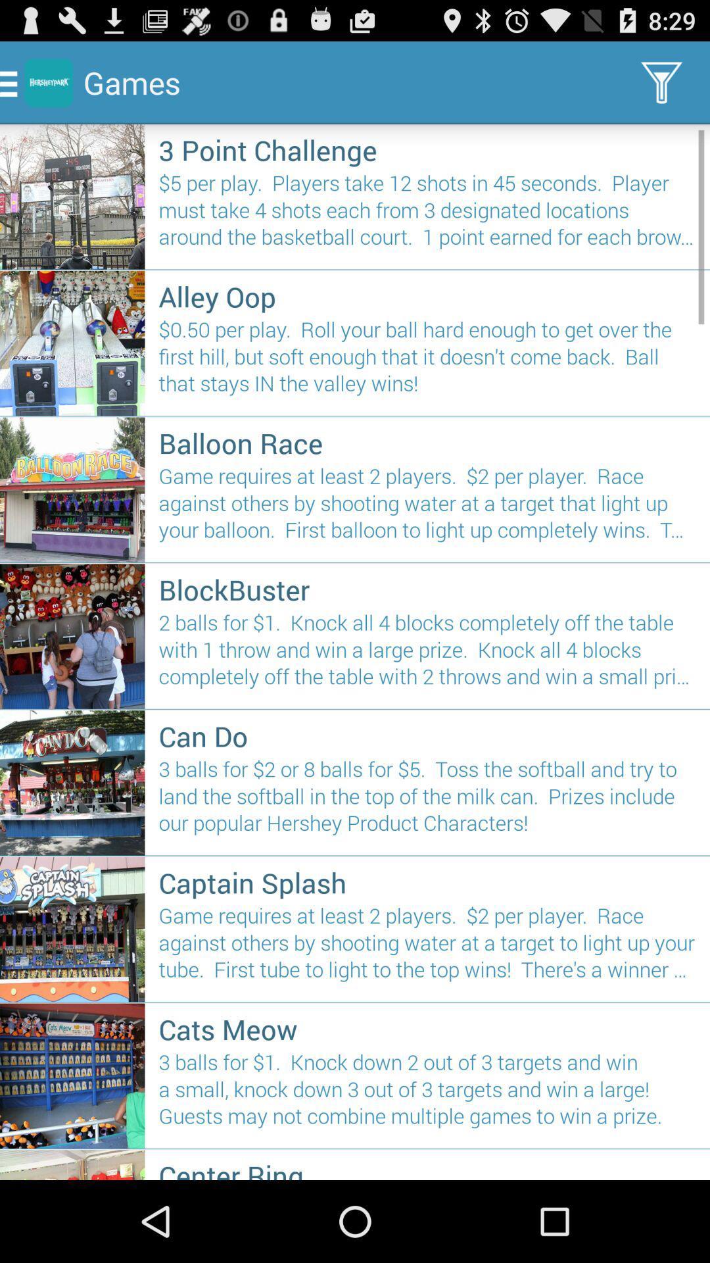 The image size is (710, 1263). Describe the element at coordinates (427, 589) in the screenshot. I see `blockbuster` at that location.